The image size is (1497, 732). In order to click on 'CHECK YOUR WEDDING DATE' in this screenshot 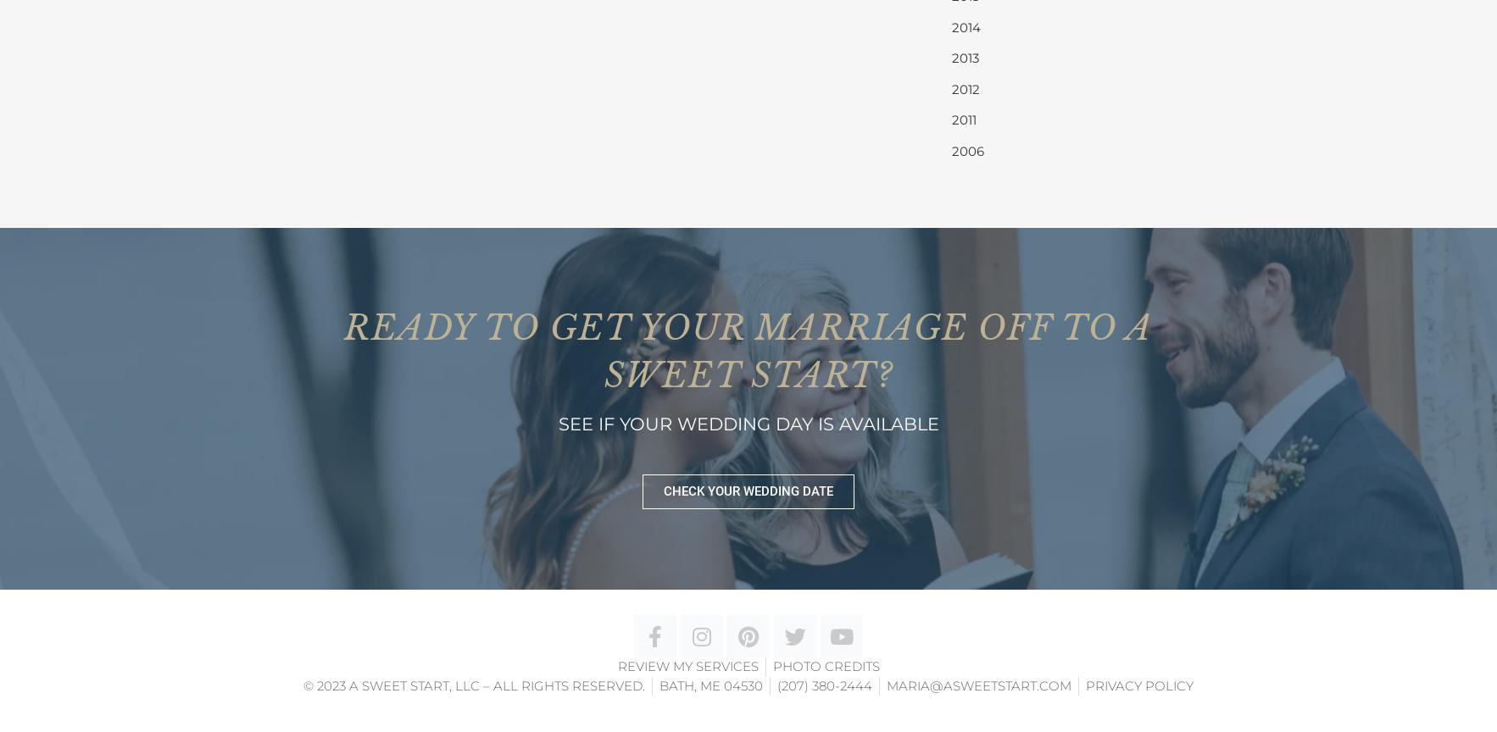, I will do `click(748, 491)`.